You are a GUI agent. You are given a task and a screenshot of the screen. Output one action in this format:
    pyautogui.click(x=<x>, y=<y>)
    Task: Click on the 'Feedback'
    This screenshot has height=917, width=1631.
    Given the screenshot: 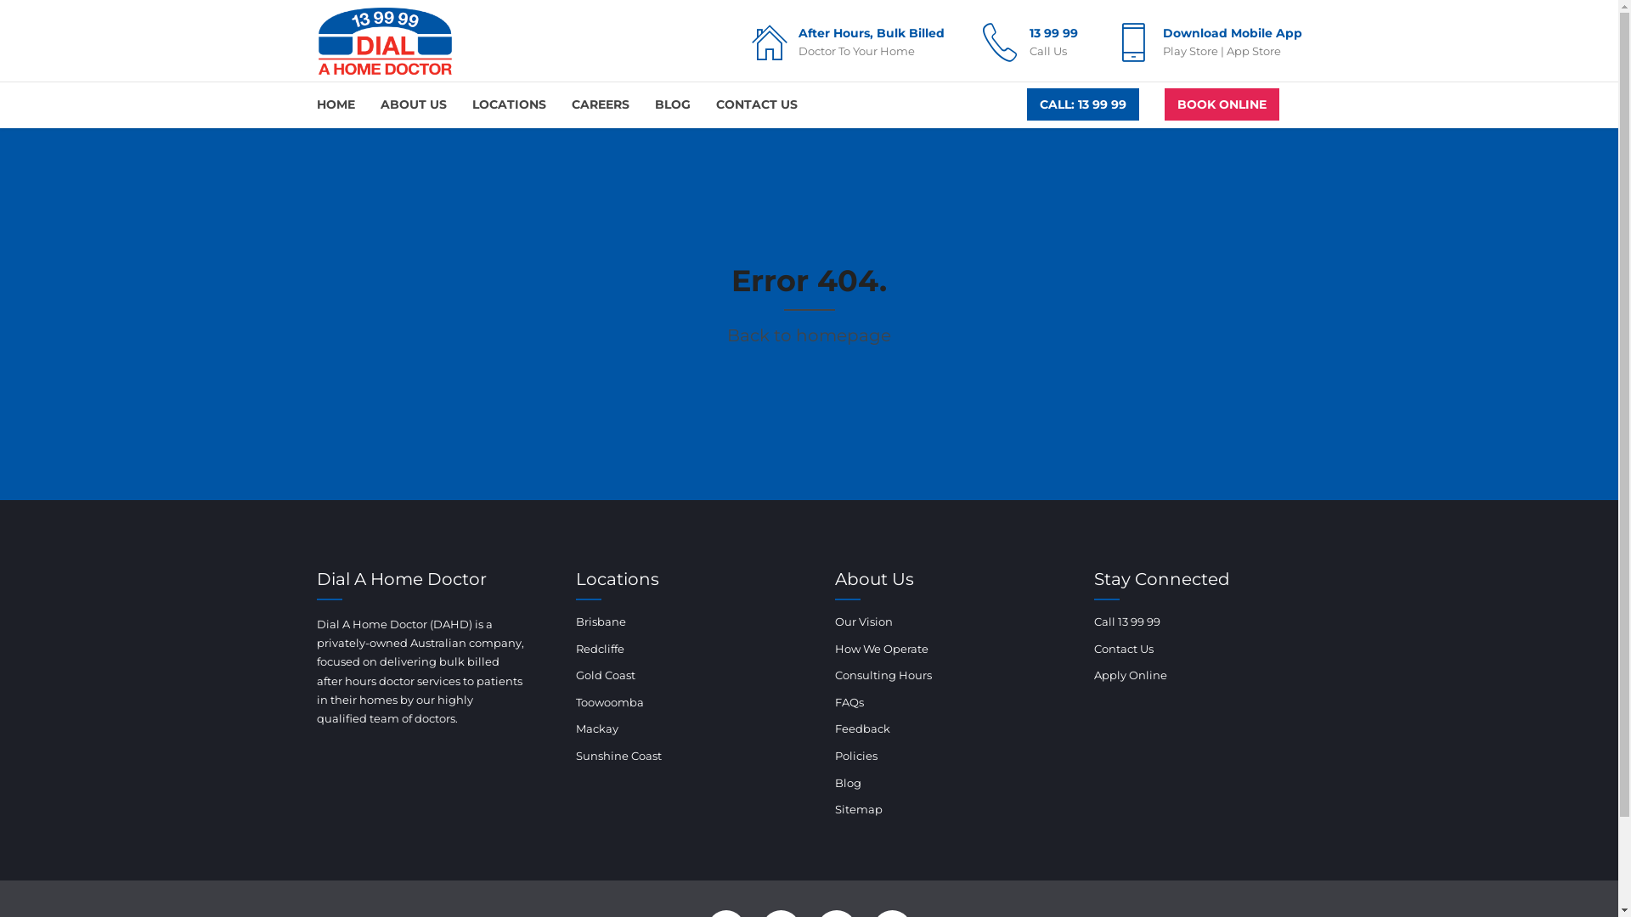 What is the action you would take?
    pyautogui.click(x=861, y=727)
    